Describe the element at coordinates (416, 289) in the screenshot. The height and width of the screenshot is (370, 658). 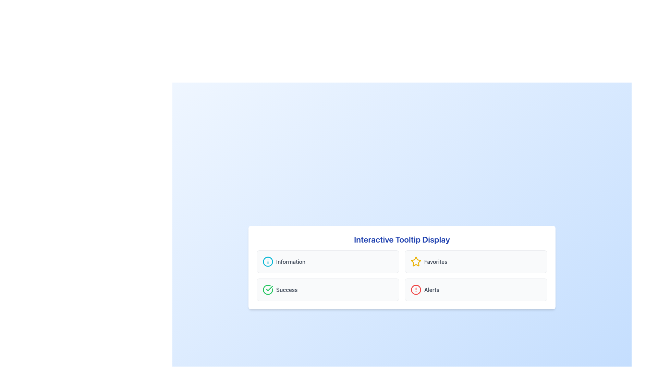
I see `the alert icon located in the bottom-right section of the grid layout` at that location.